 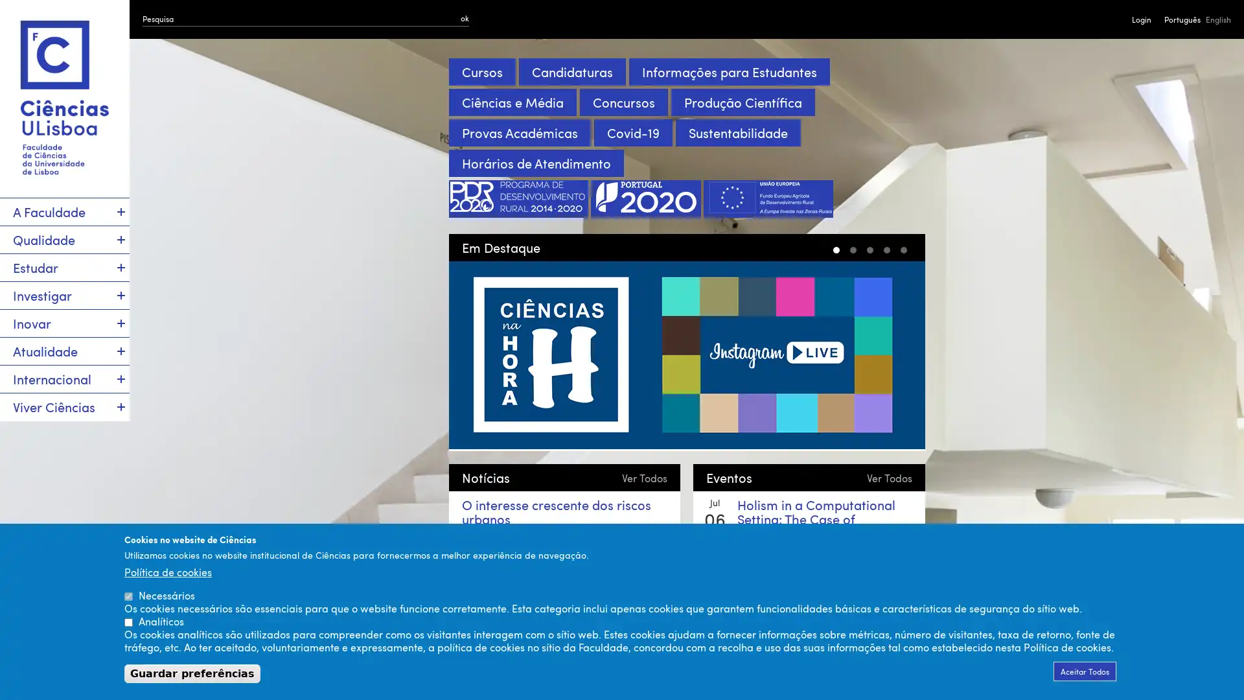 I want to click on Guardar preferencias, so click(x=192, y=673).